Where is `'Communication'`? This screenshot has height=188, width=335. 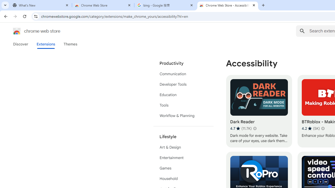
'Communication' is located at coordinates (183, 74).